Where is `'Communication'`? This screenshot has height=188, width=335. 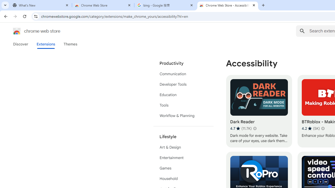
'Communication' is located at coordinates (183, 74).